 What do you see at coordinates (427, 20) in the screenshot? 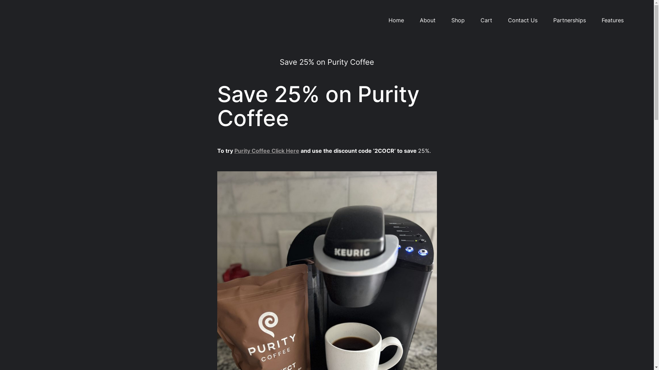
I see `'About'` at bounding box center [427, 20].